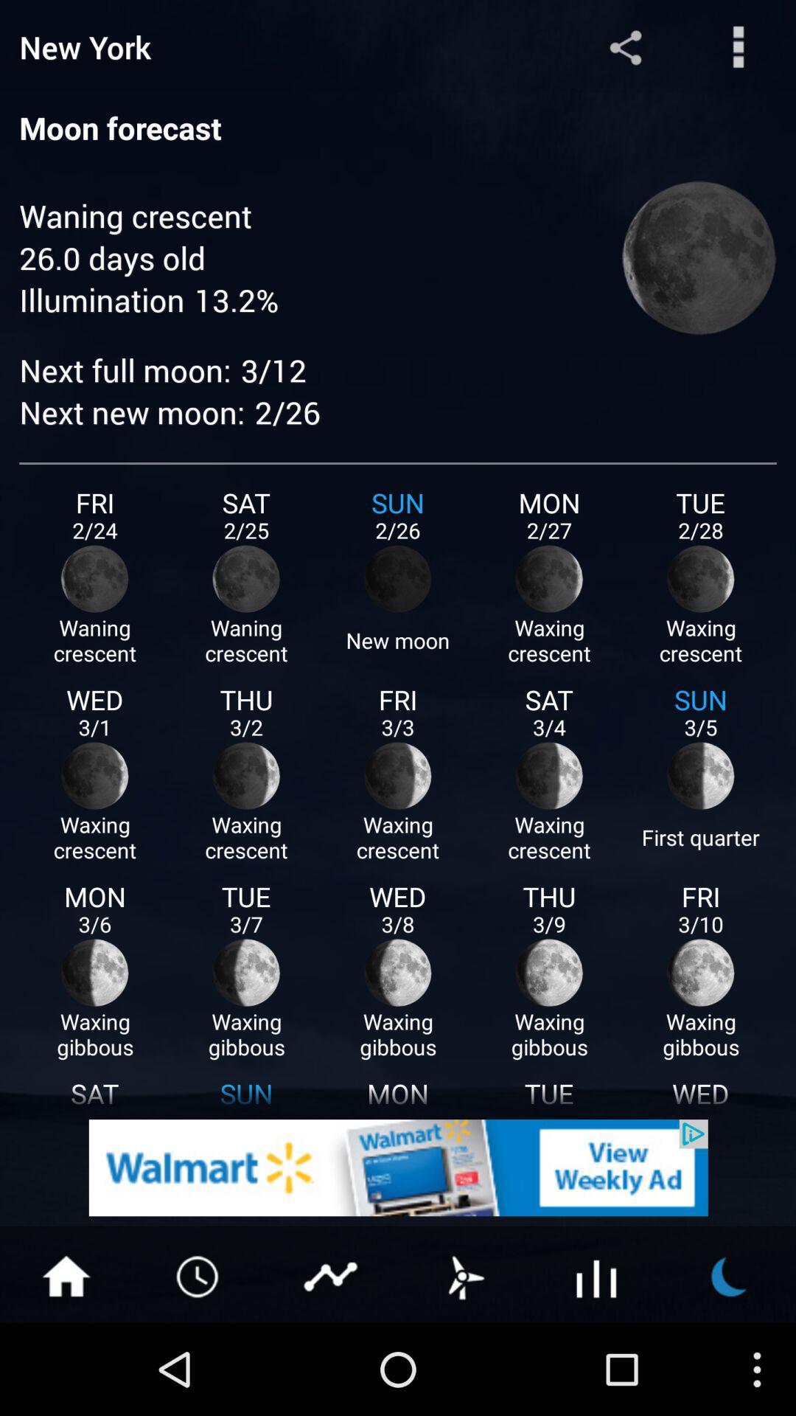 The width and height of the screenshot is (796, 1416). What do you see at coordinates (739, 46) in the screenshot?
I see `explore settings` at bounding box center [739, 46].